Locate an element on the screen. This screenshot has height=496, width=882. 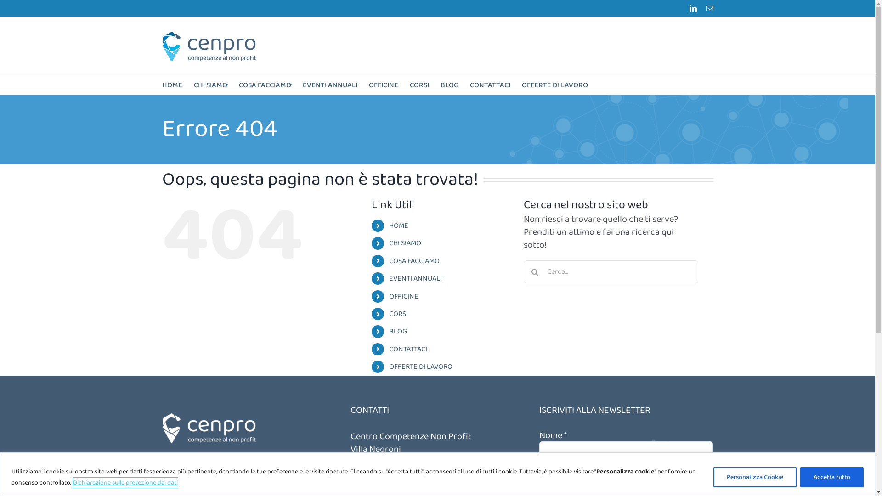
'CHI SIAMO' is located at coordinates (210, 85).